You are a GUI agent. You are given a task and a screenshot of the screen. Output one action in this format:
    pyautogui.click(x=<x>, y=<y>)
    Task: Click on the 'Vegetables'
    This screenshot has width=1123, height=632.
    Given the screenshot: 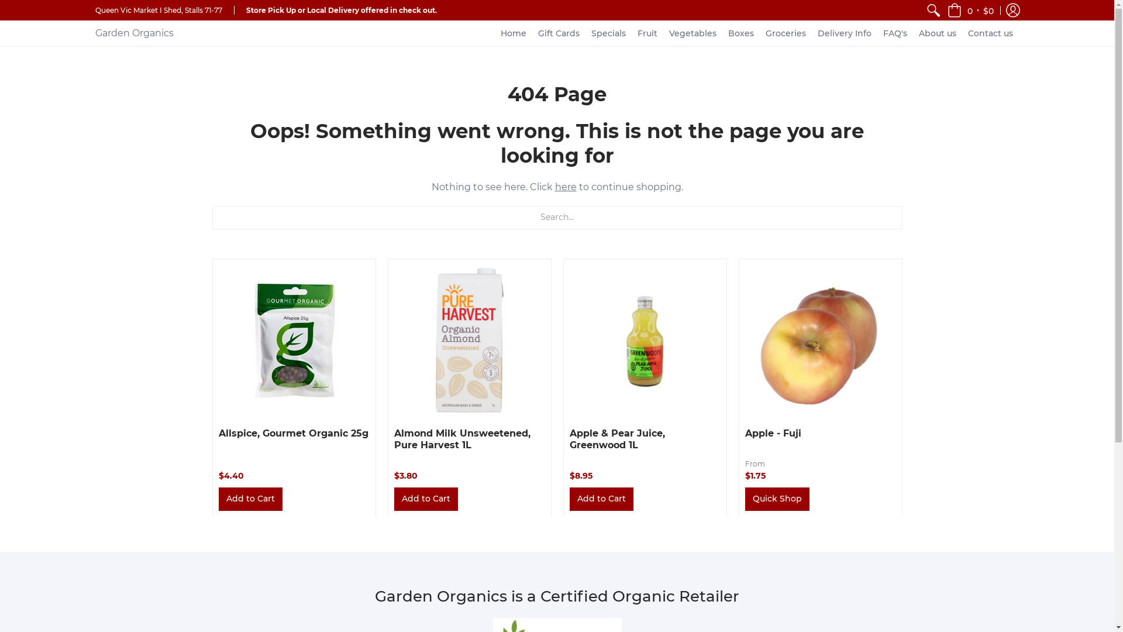 What is the action you would take?
    pyautogui.click(x=693, y=33)
    